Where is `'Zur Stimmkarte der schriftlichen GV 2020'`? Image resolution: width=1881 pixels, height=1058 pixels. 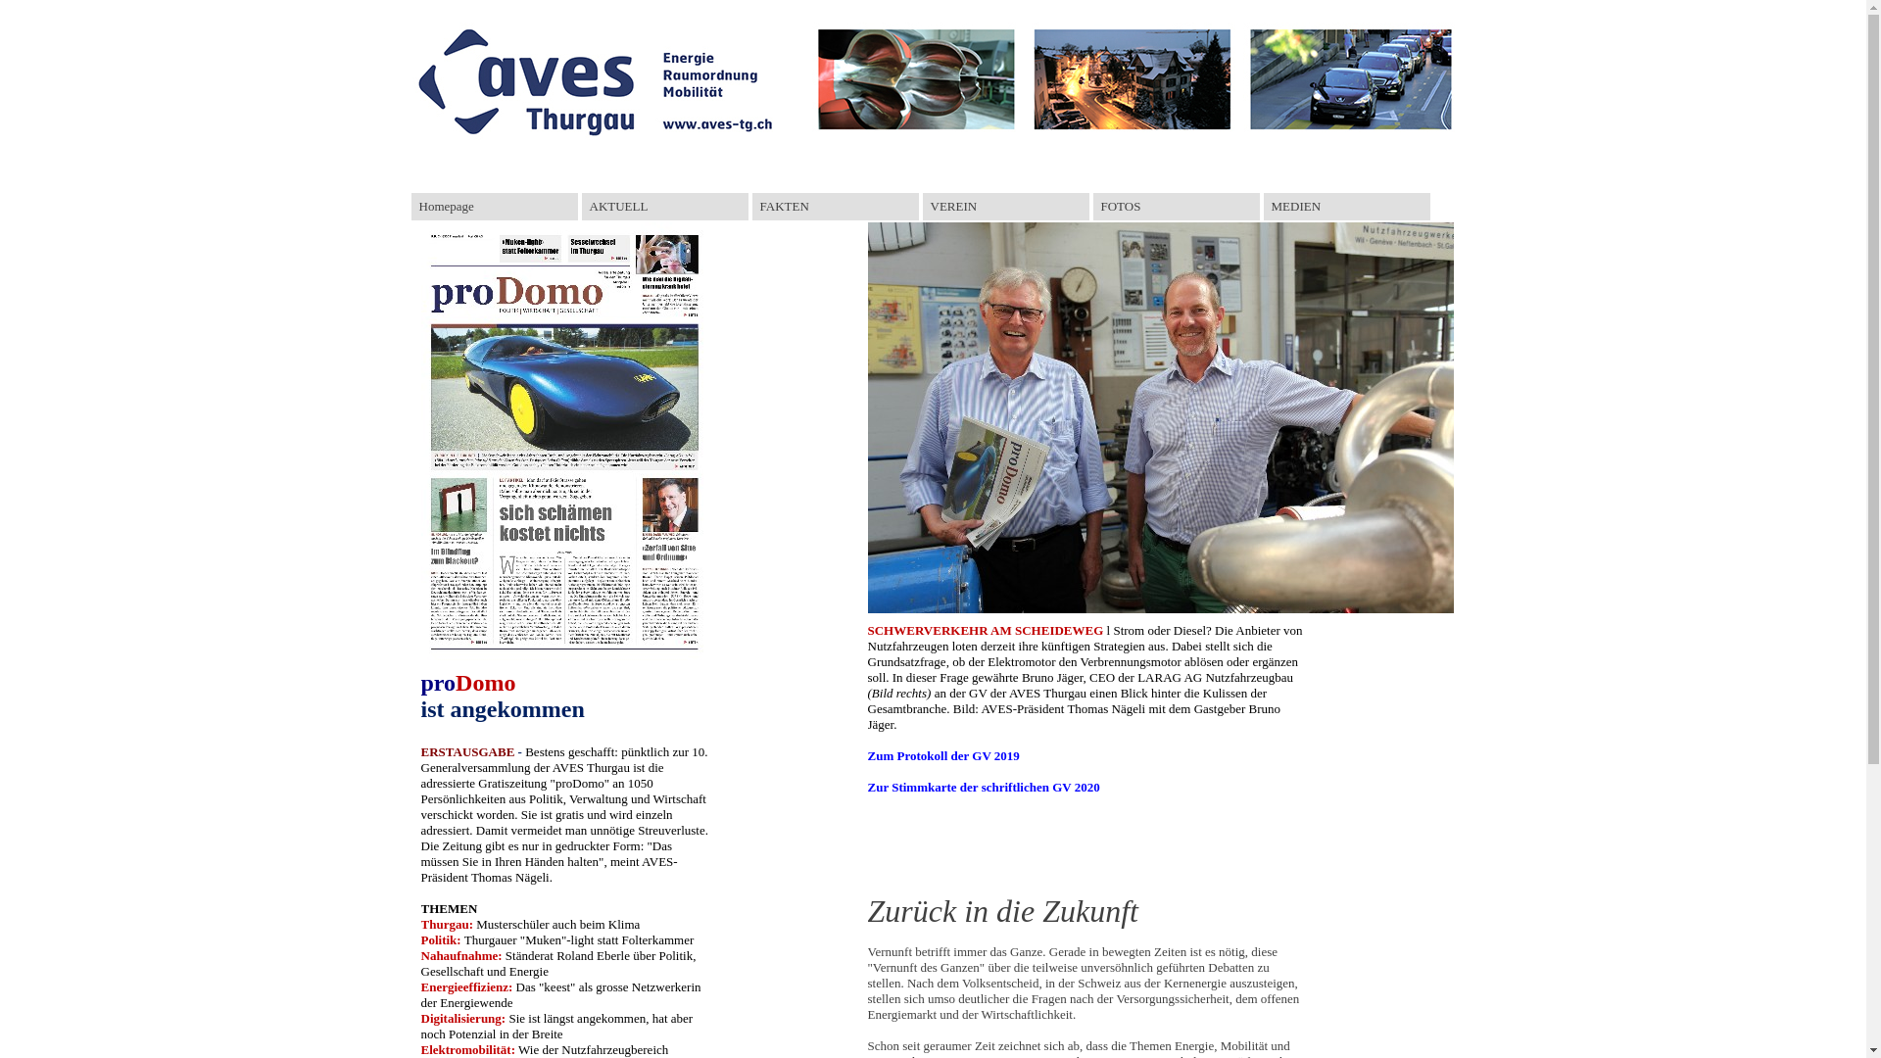 'Zur Stimmkarte der schriftlichen GV 2020' is located at coordinates (984, 786).